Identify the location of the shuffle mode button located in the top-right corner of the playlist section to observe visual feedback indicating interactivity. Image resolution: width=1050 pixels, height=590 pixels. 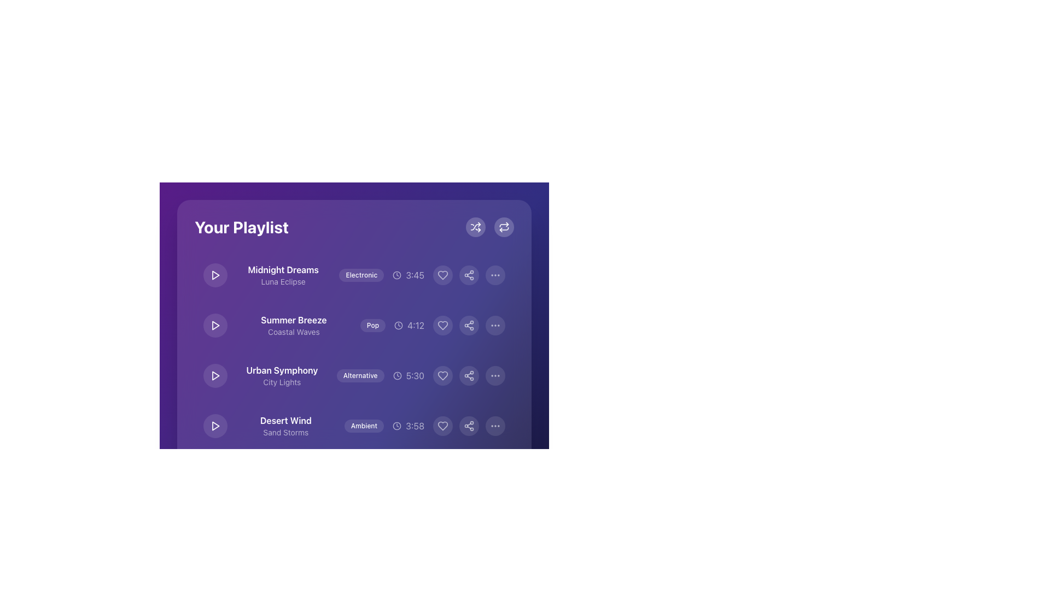
(475, 227).